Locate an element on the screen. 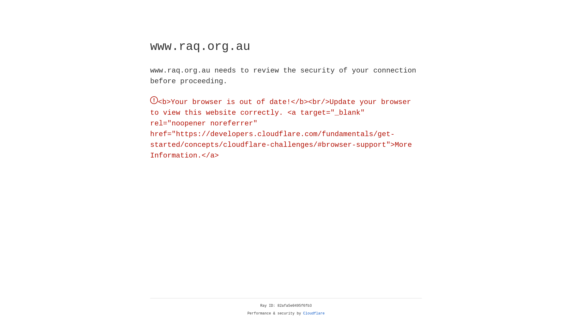  'Cloudflare' is located at coordinates (314, 313).